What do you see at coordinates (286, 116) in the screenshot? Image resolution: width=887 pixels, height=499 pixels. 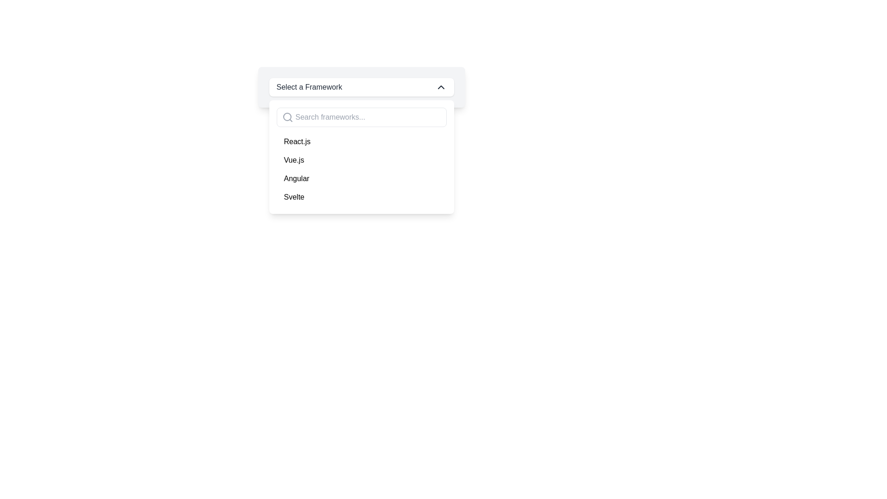 I see `the circular graphical component within the SVG icon, which is located to the left of the search input box containing the placeholder text 'Search frameworks...'` at bounding box center [286, 116].